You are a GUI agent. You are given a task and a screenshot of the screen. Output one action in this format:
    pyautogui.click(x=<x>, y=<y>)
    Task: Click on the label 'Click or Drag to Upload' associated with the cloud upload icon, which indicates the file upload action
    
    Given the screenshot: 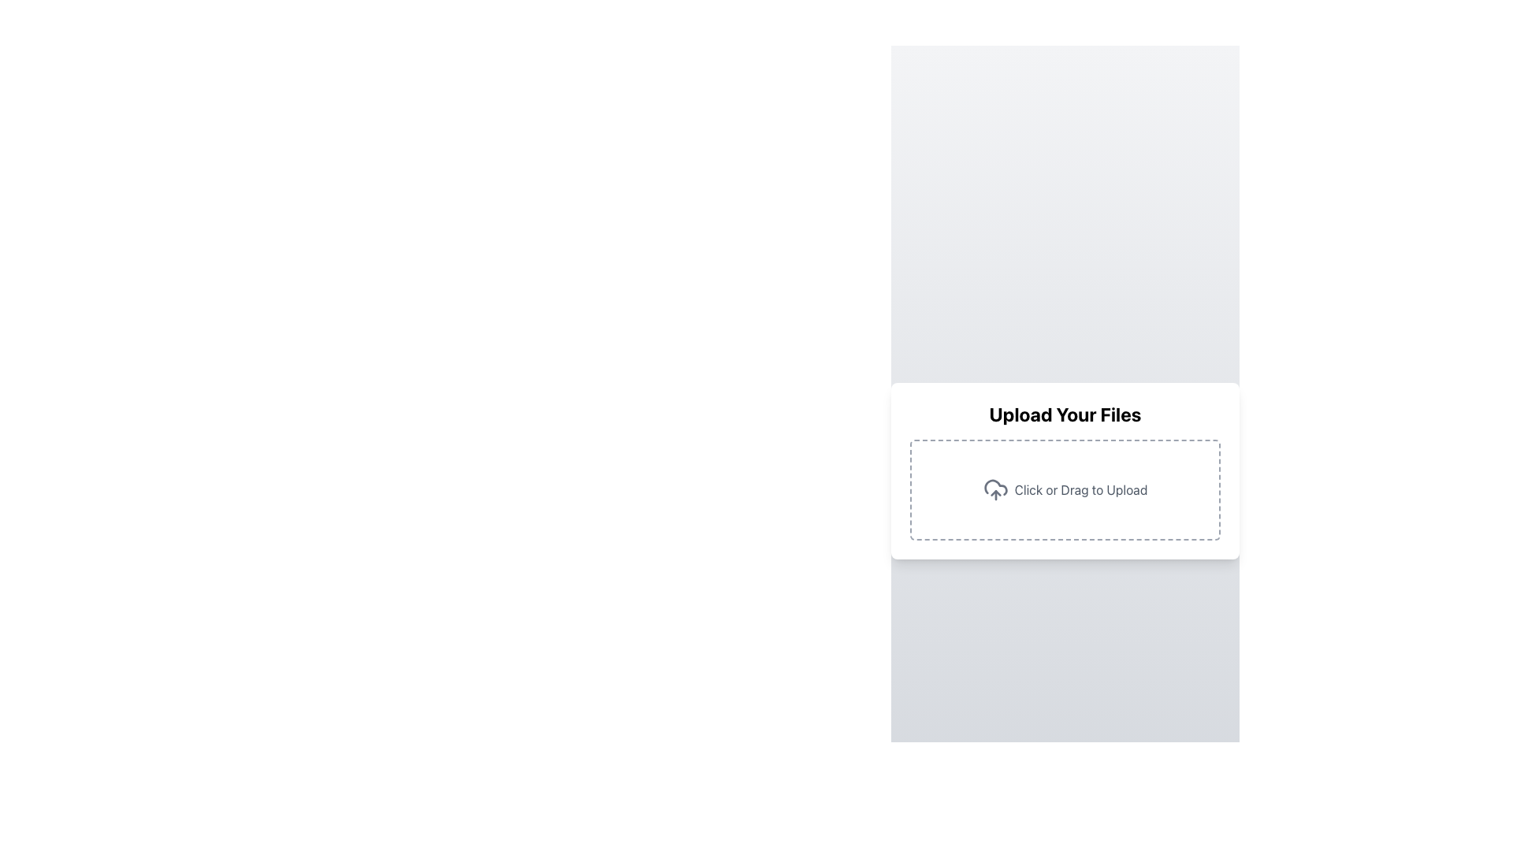 What is the action you would take?
    pyautogui.click(x=994, y=489)
    